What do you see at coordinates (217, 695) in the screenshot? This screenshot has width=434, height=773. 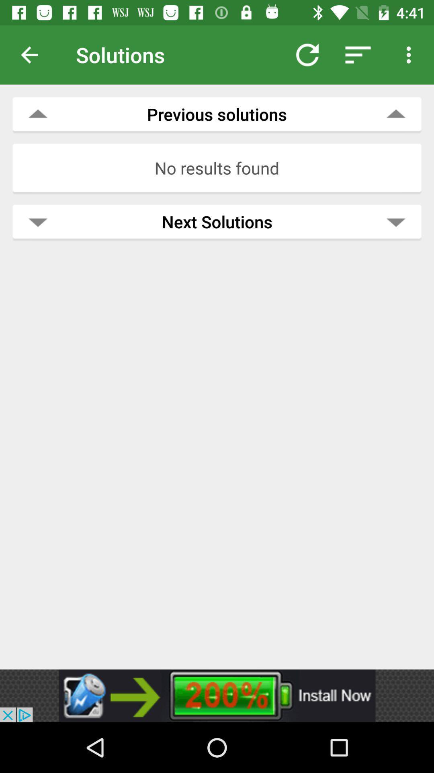 I see `banner advertisement` at bounding box center [217, 695].